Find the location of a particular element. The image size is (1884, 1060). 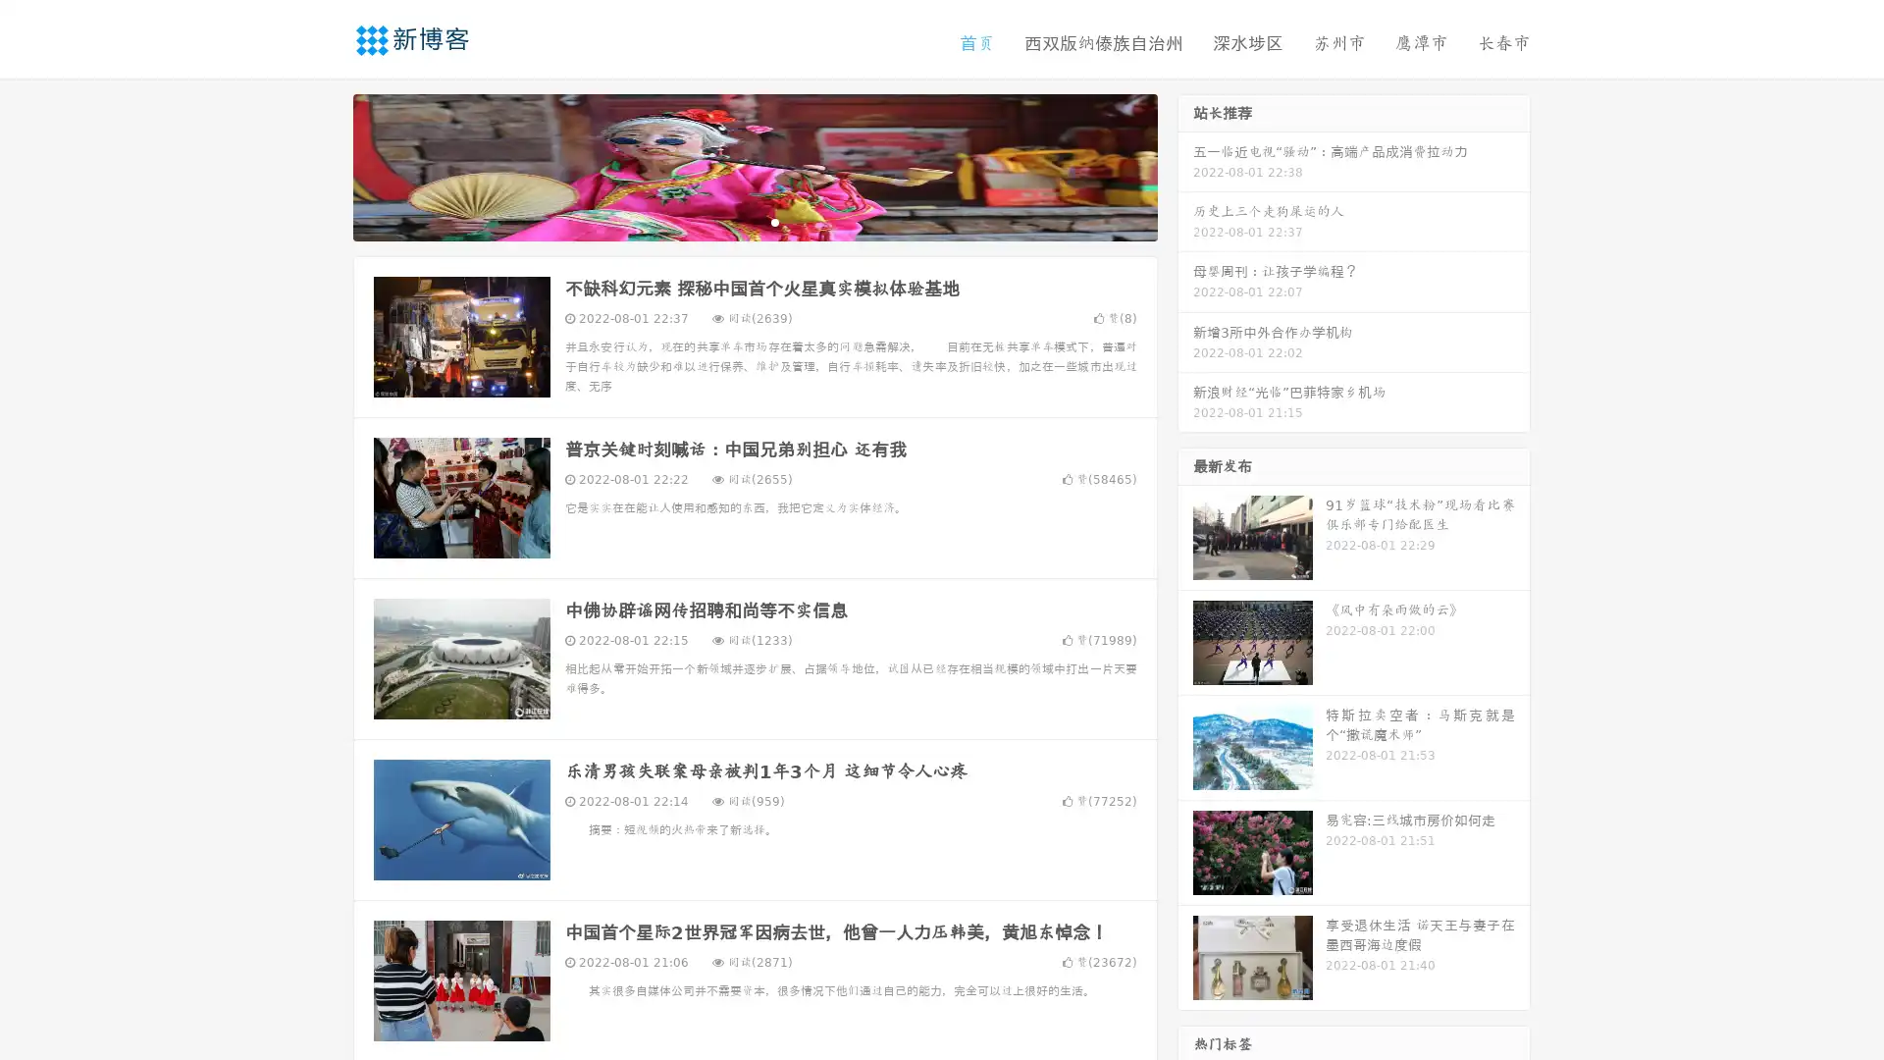

Next slide is located at coordinates (1185, 165).